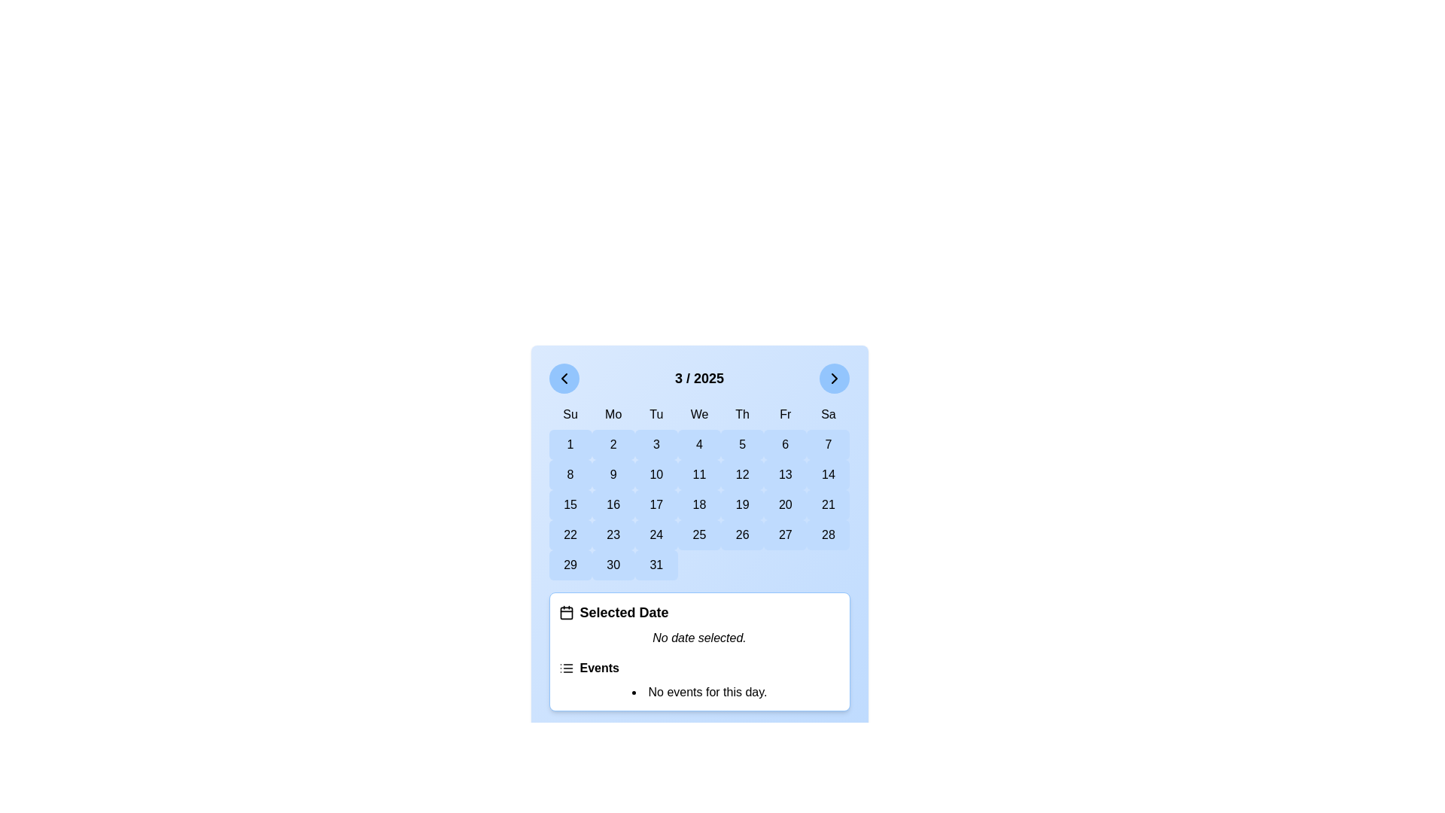 The width and height of the screenshot is (1445, 813). I want to click on the left chevron icon embedded in the rounded blue button located in the top-left corner of the calendar interface, so click(563, 377).